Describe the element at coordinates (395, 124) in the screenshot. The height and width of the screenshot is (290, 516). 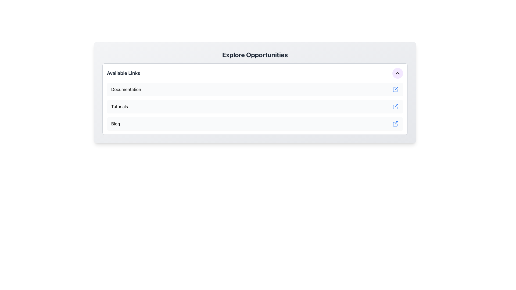
I see `the external navigation icon located to the far-right of the 'Blog' label in the 'Available Links' list` at that location.